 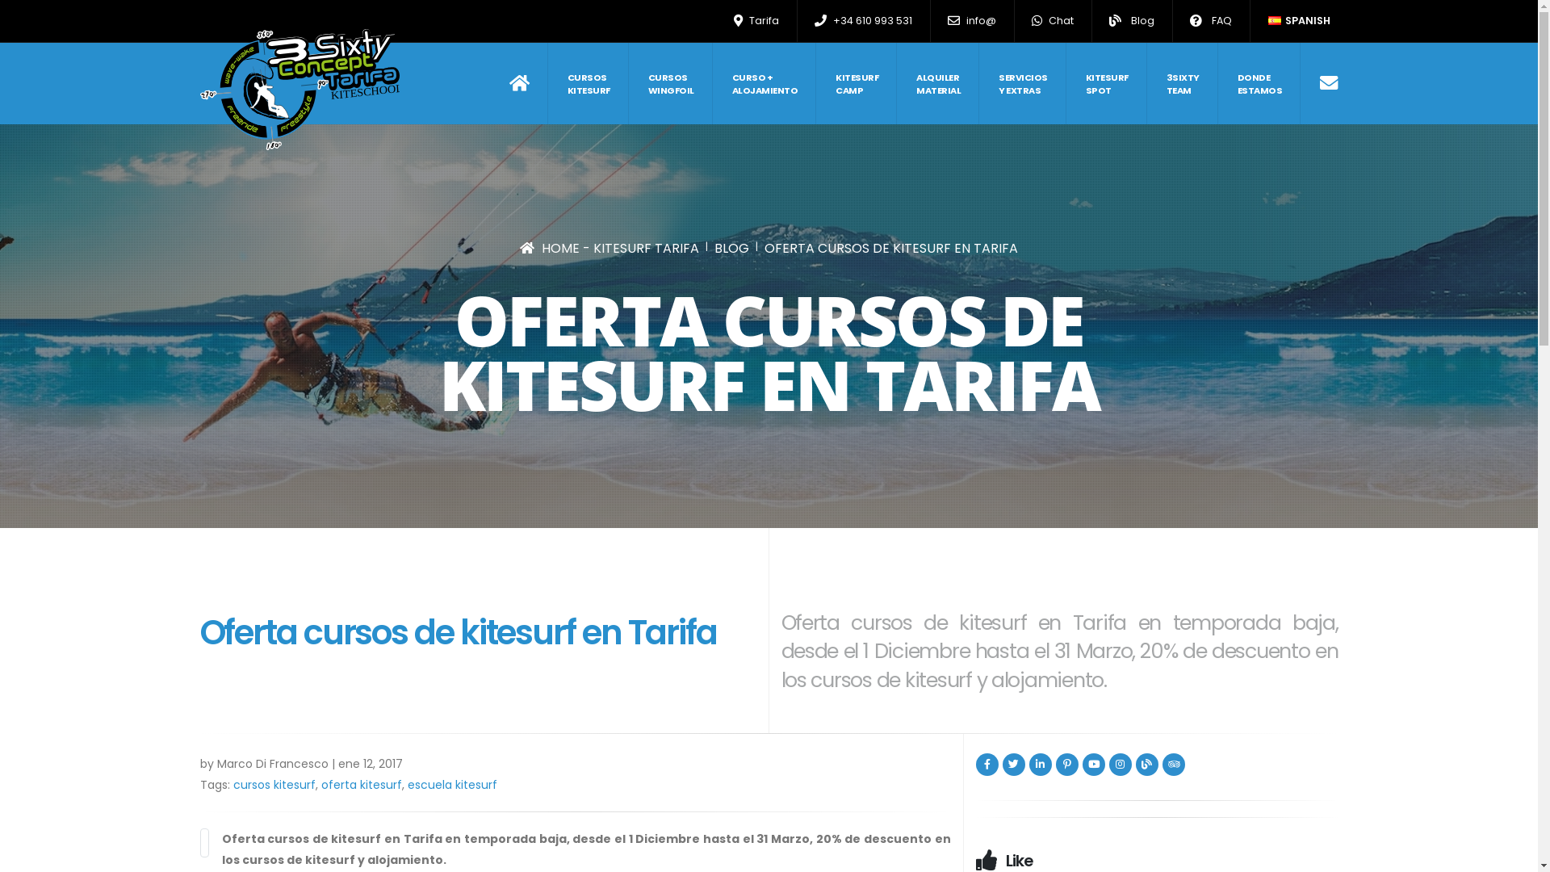 What do you see at coordinates (731, 248) in the screenshot?
I see `'BLOG'` at bounding box center [731, 248].